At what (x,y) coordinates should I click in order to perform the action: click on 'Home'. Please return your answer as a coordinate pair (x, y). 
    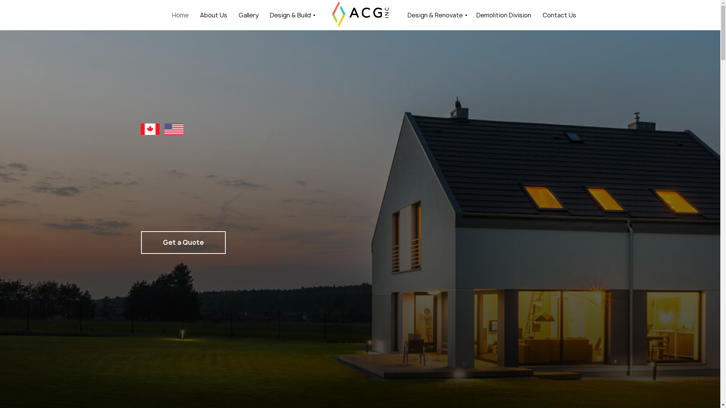
    Looking at the image, I should click on (179, 14).